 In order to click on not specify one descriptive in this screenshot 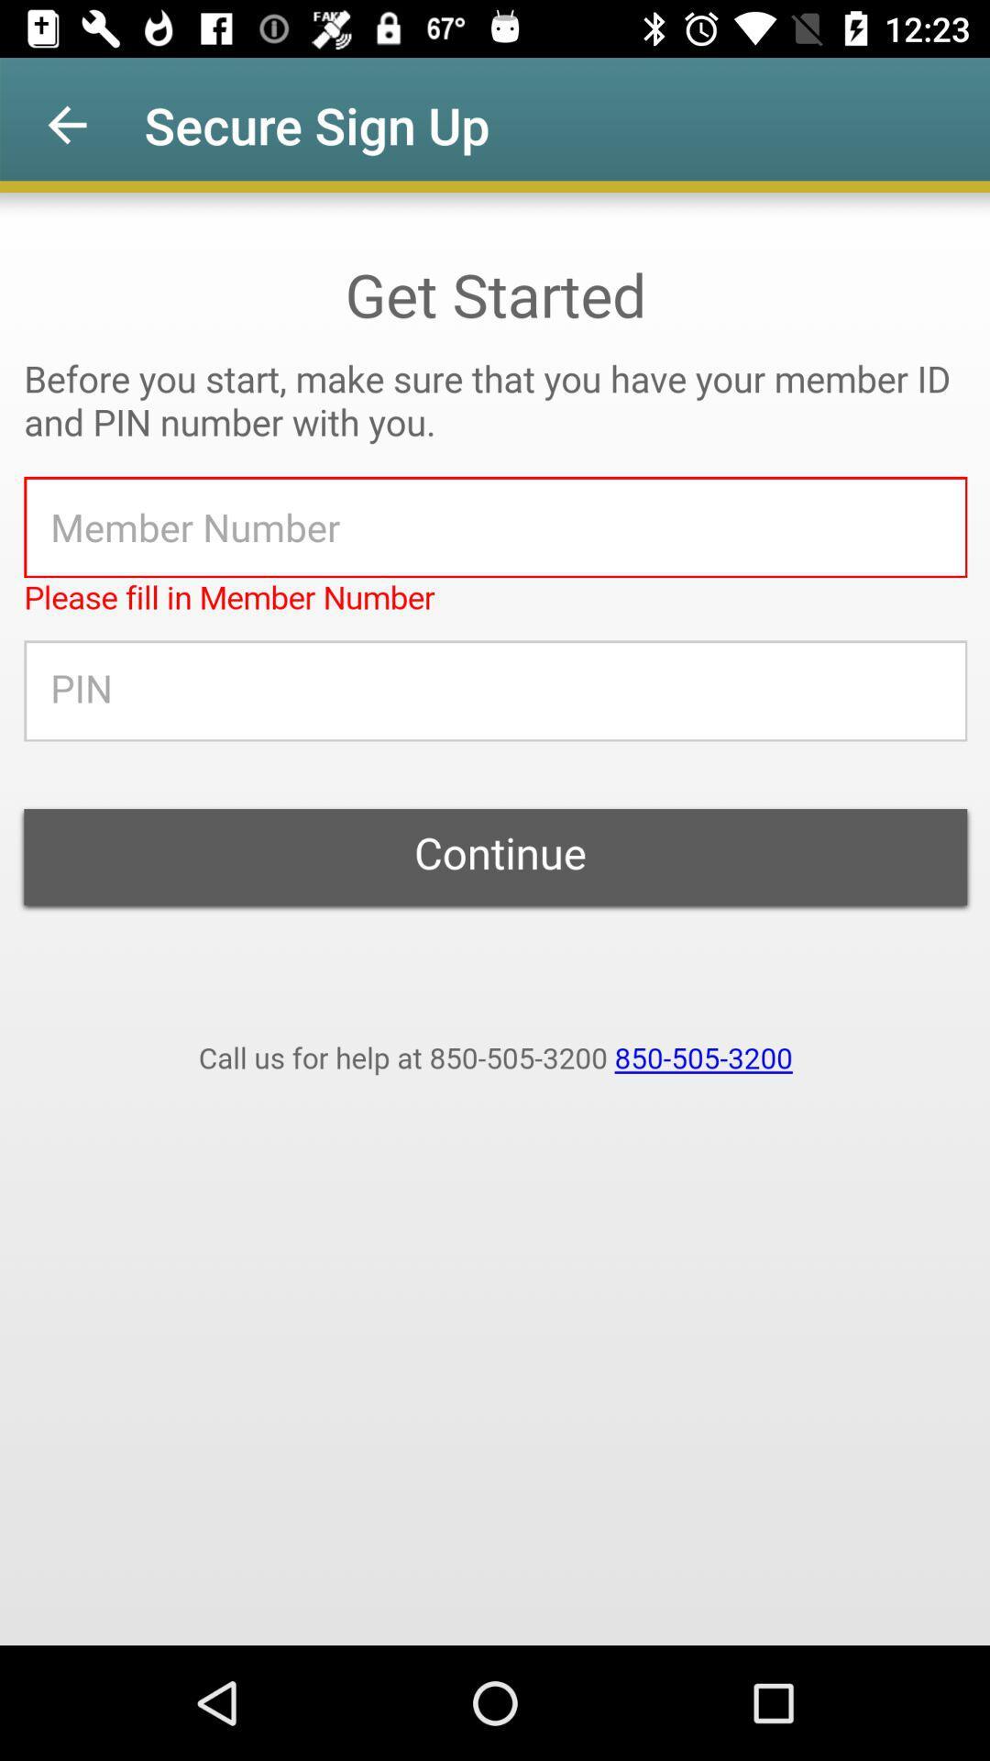, I will do `click(495, 919)`.